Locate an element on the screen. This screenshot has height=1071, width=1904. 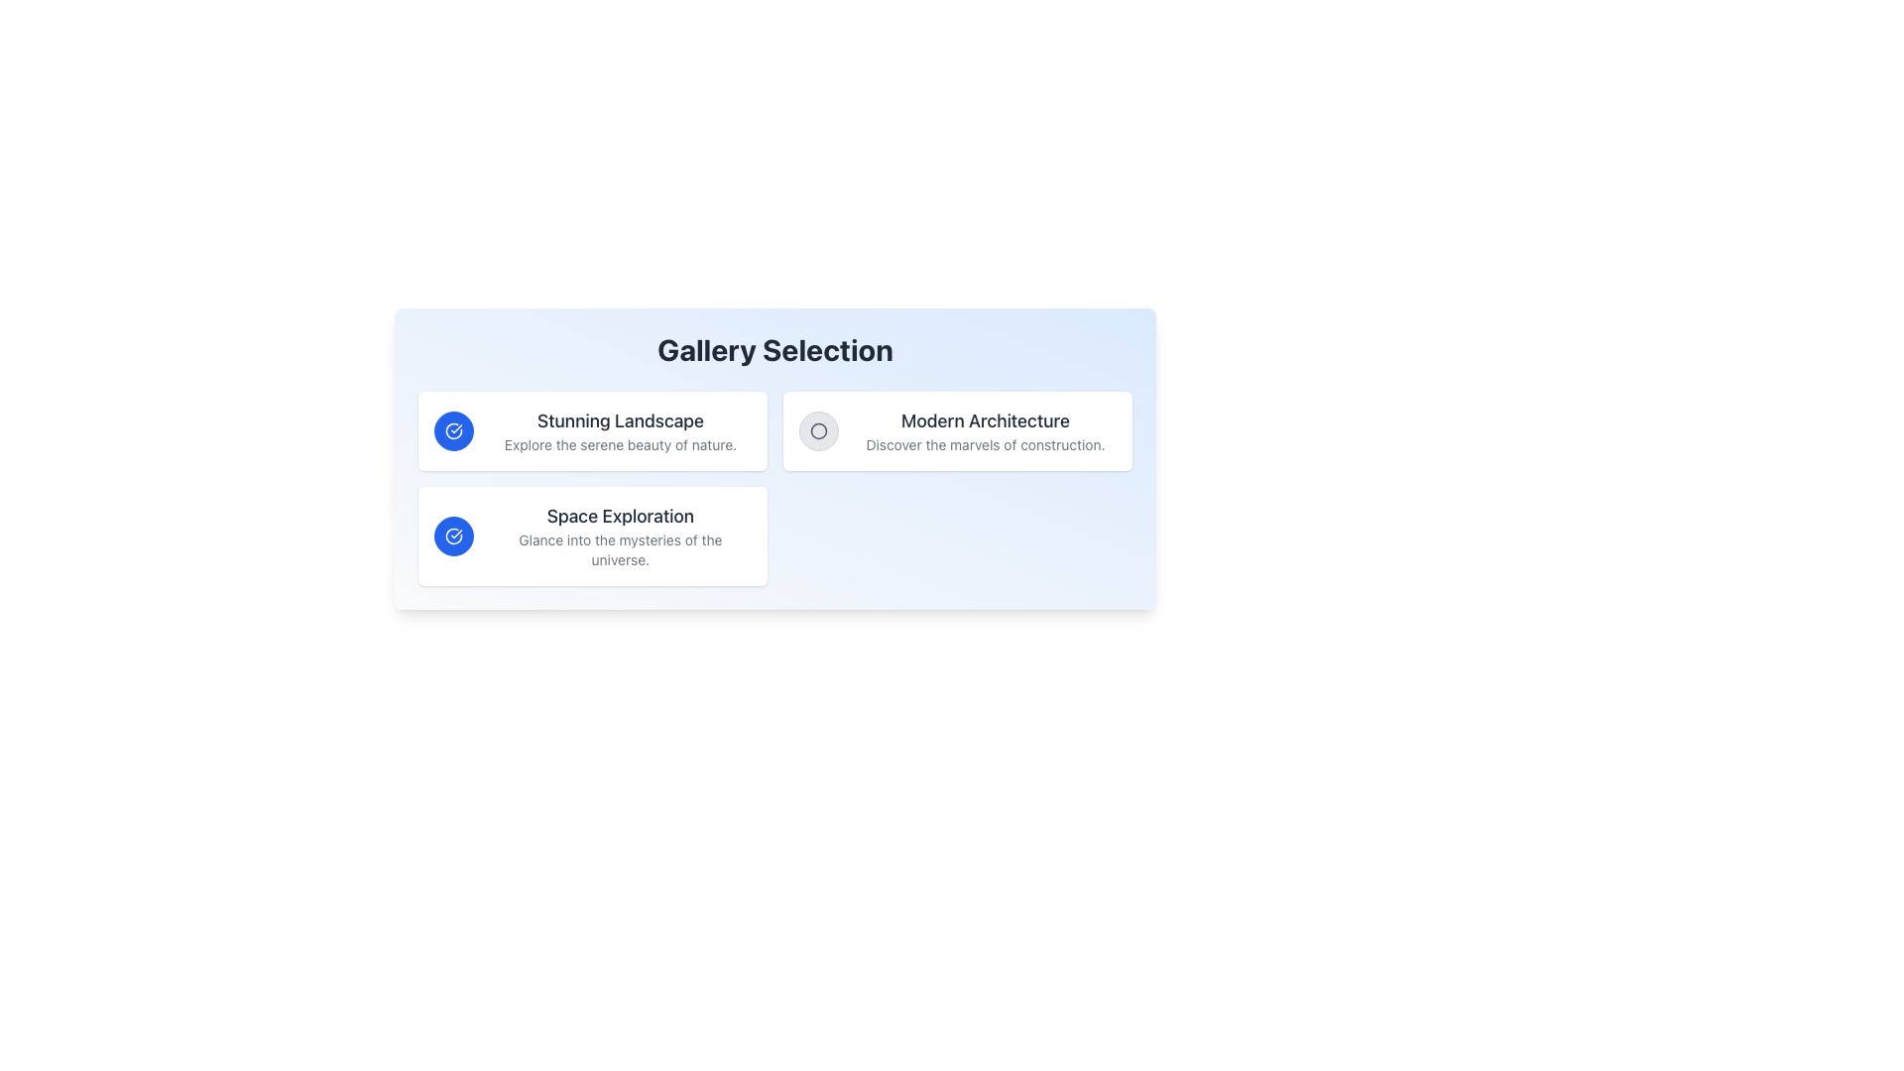
the circular icon on the left side of the 'Stunning Landscape' and 'Space Exploration' cards, which represents a state or category marking is located at coordinates (818, 430).